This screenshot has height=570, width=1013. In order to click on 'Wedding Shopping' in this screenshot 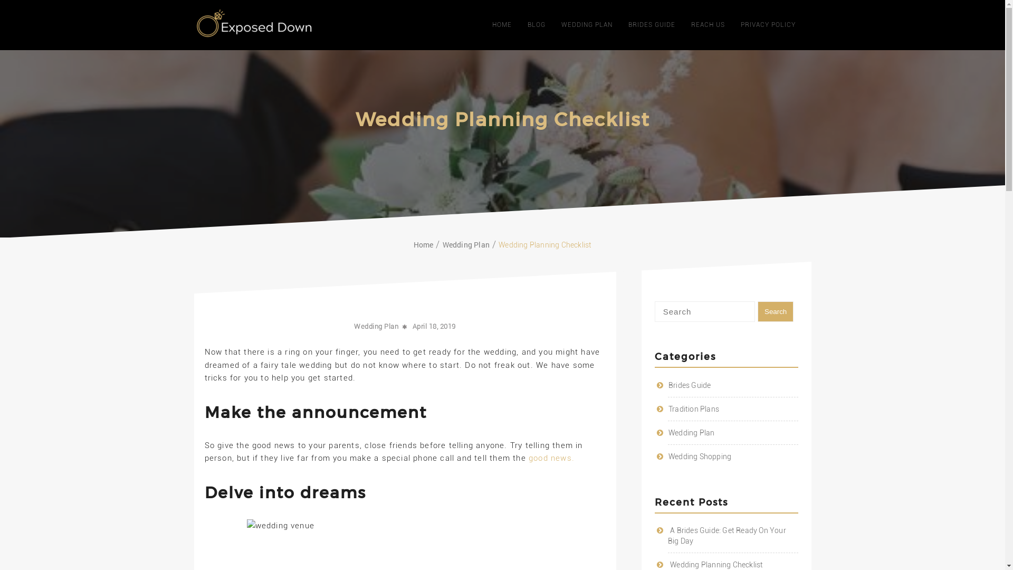, I will do `click(700, 455)`.